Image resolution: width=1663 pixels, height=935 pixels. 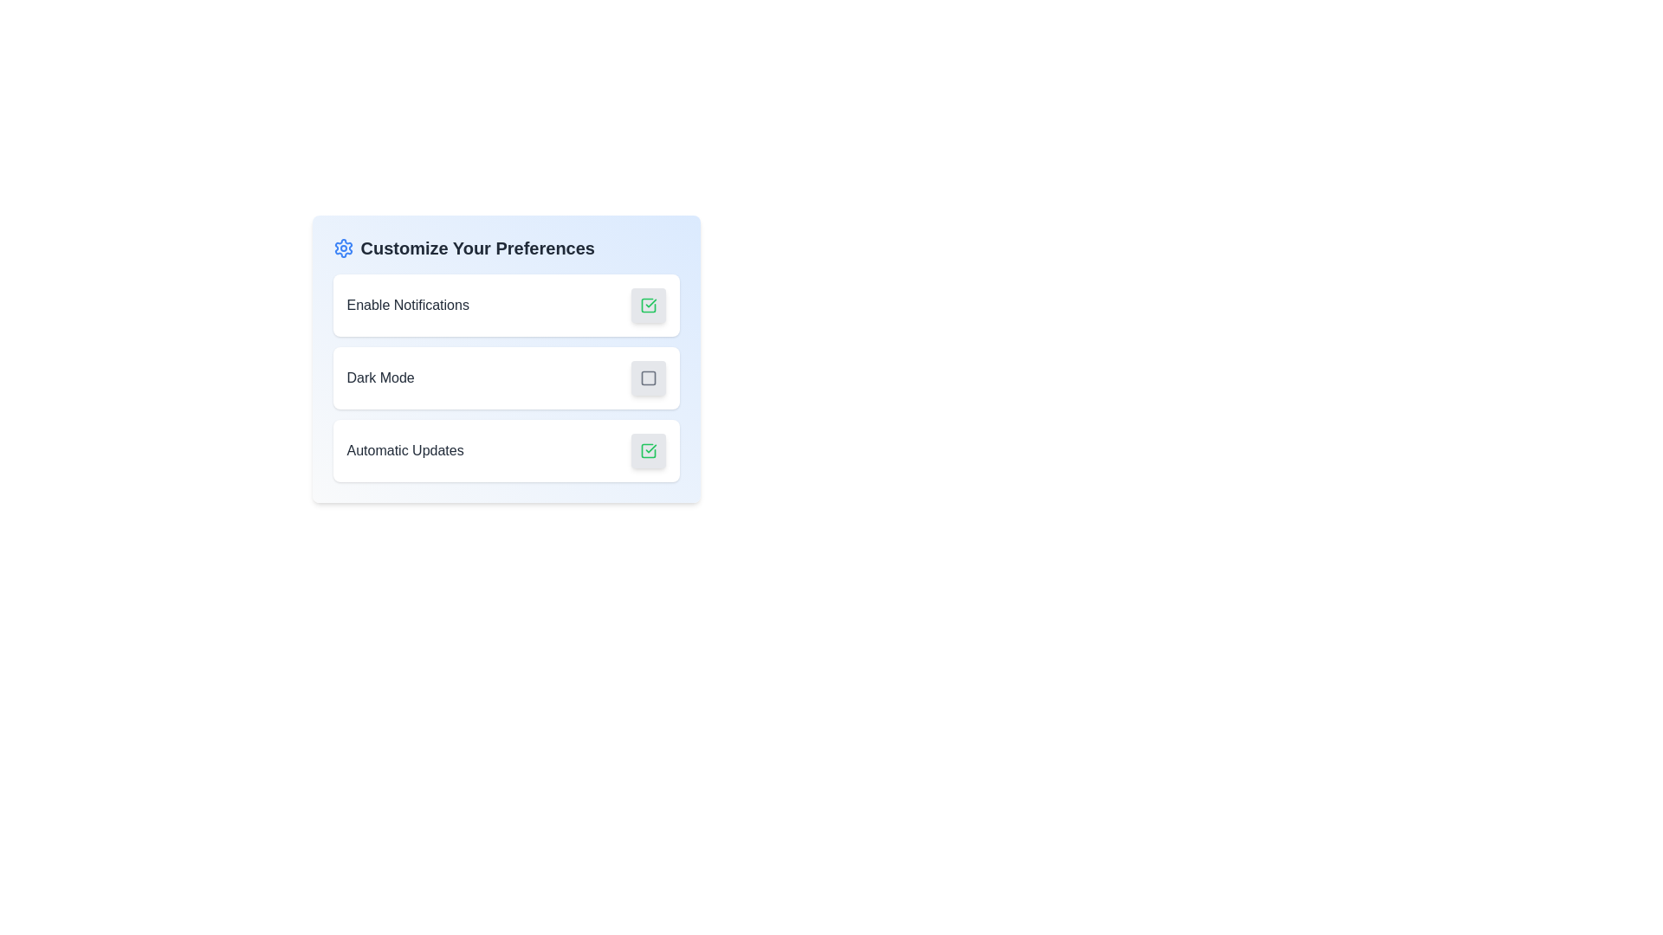 What do you see at coordinates (647, 449) in the screenshot?
I see `the green square icon for 'Automatic Updates' in the preferences section` at bounding box center [647, 449].